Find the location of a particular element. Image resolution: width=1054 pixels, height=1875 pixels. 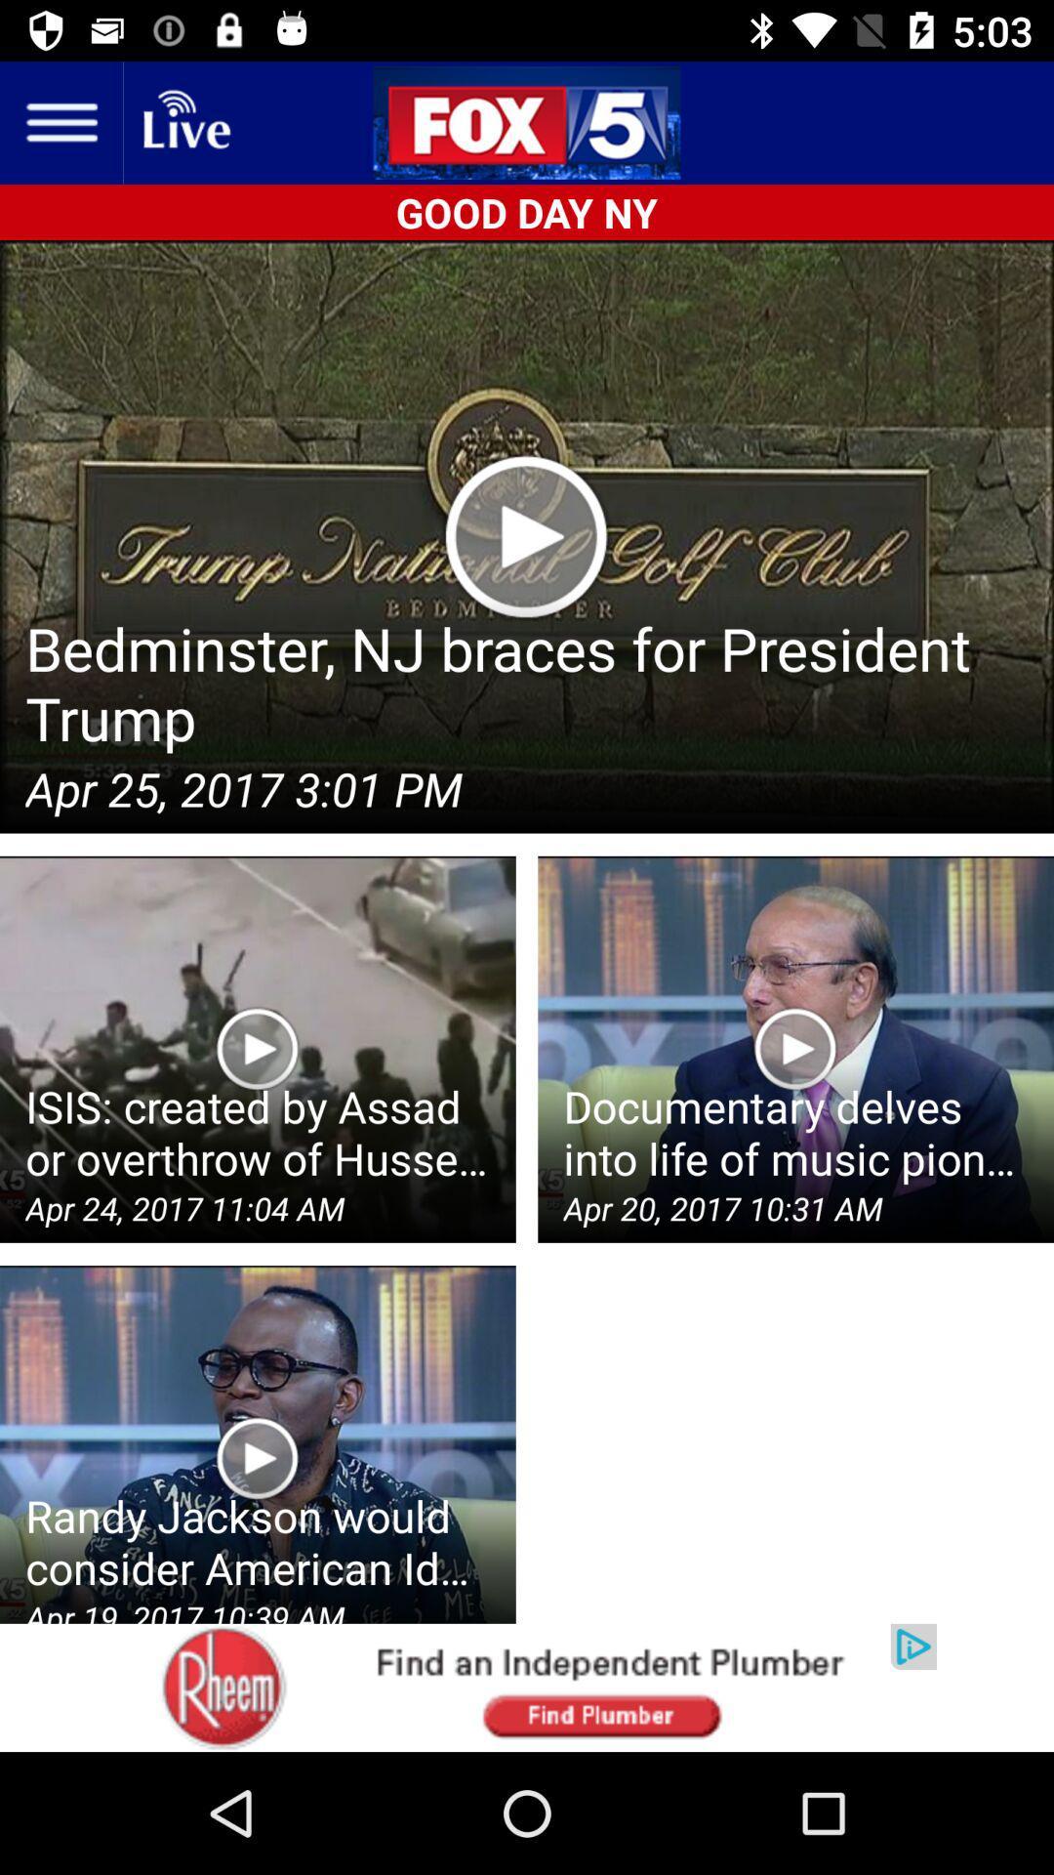

the menu icon is located at coordinates (60, 121).